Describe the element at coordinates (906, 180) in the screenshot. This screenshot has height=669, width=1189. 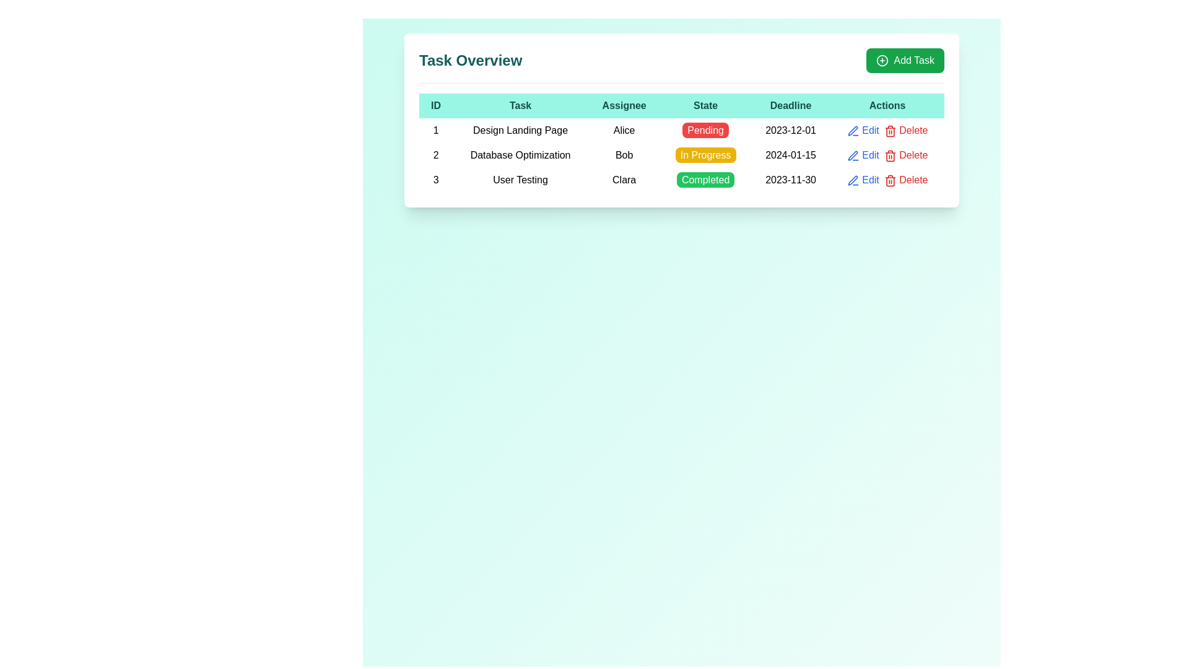
I see `the 'Delete' link styled in red color with a trash bin icon to its left, located in the 'Actions' column, to initiate delete` at that location.